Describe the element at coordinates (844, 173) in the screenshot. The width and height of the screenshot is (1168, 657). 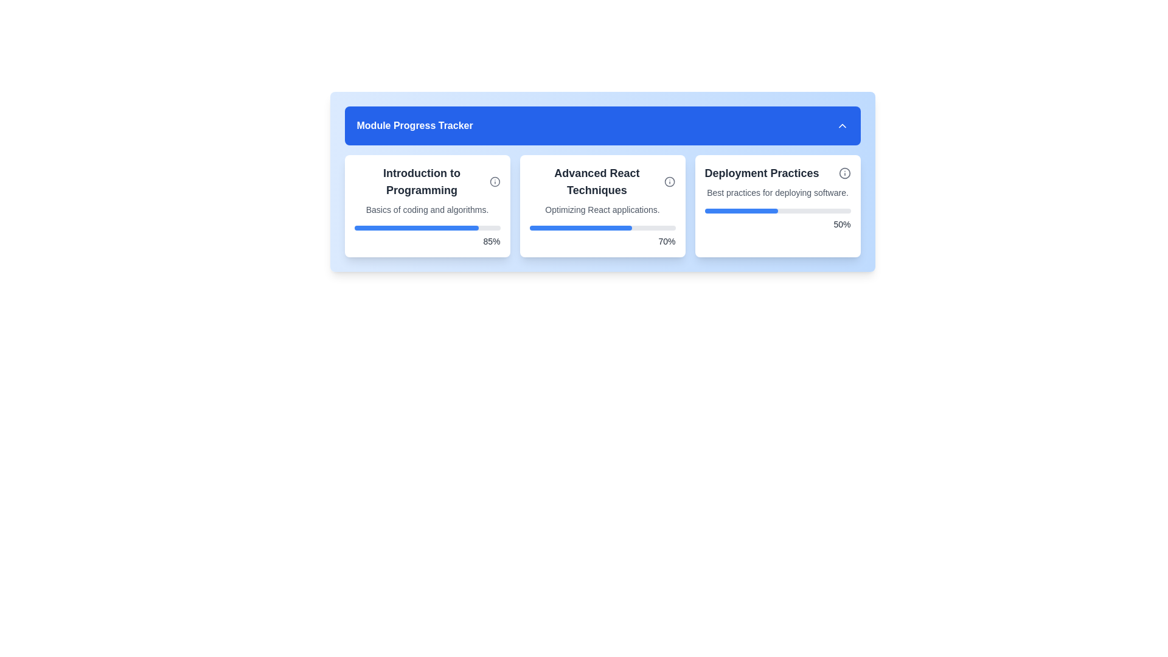
I see `the information icon circle located in the top-right corner of the 'Deployment Practices' card` at that location.